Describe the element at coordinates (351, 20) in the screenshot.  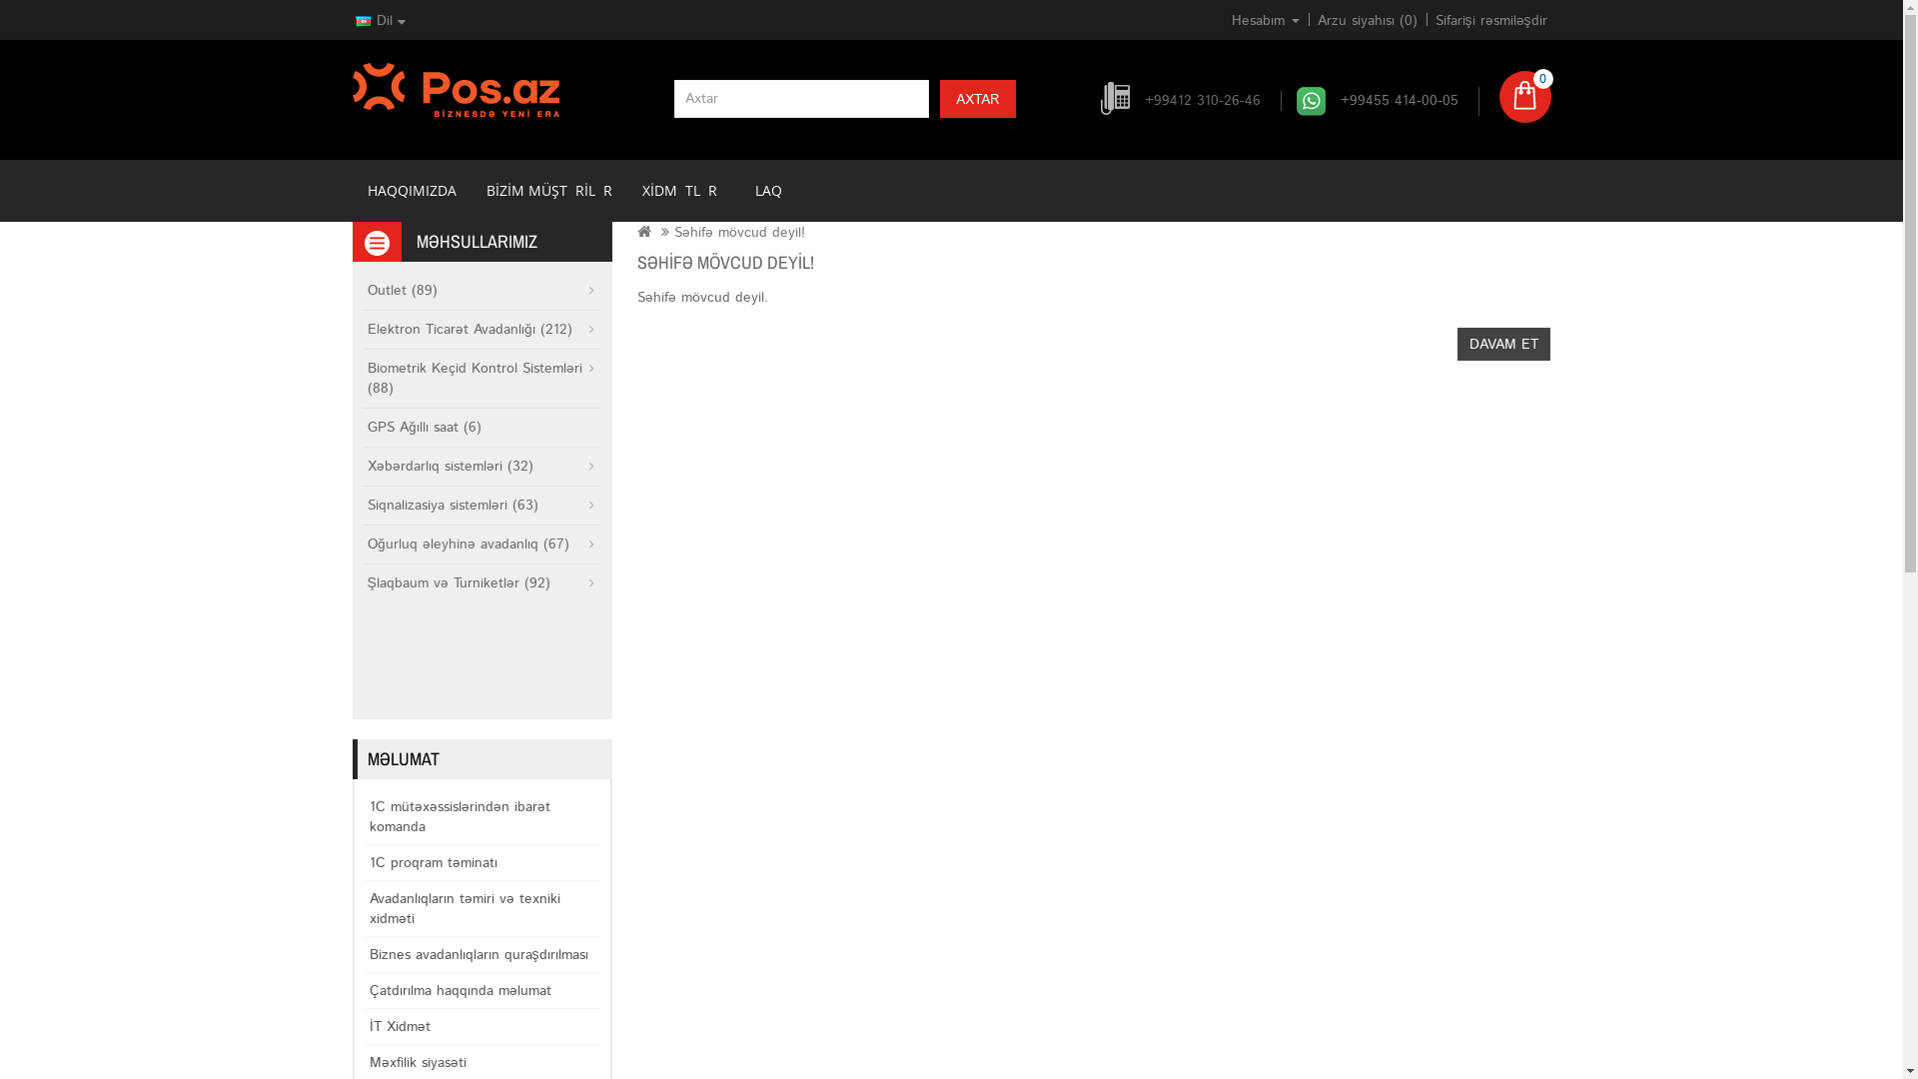
I see `'Dil'` at that location.